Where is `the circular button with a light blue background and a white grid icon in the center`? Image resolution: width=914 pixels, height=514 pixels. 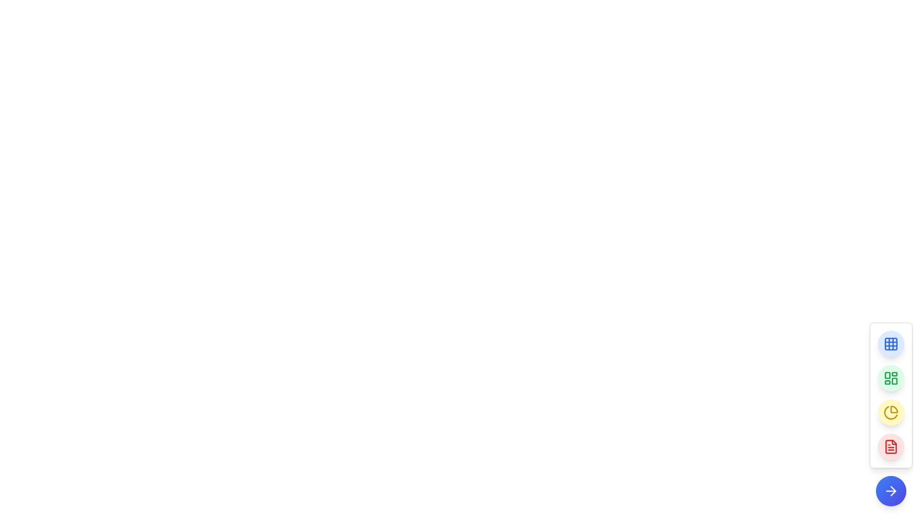 the circular button with a light blue background and a white grid icon in the center is located at coordinates (891, 344).